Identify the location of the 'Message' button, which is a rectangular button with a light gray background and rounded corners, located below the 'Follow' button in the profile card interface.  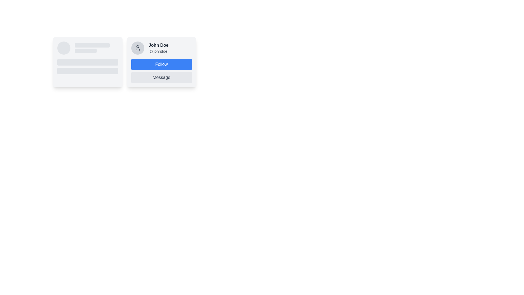
(161, 78).